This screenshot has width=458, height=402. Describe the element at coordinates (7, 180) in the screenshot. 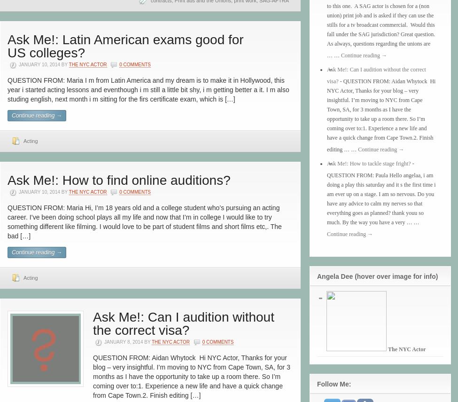

I see `'Ask Me!: How to find online auditions?'` at that location.